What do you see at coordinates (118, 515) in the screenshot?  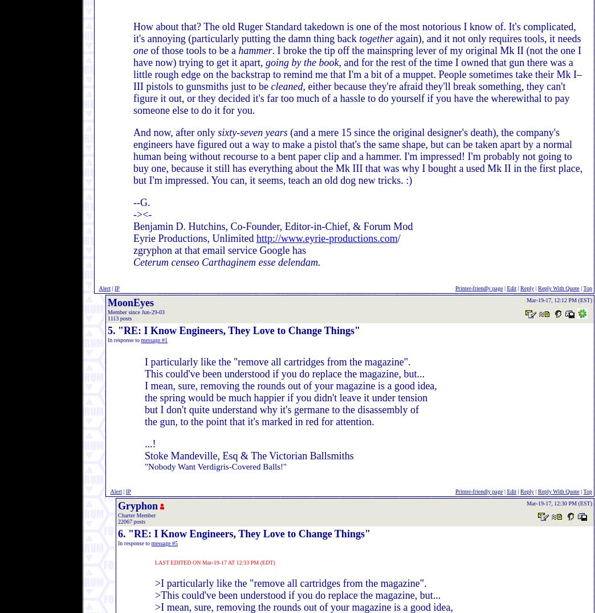 I see `'Charter Member'` at bounding box center [118, 515].